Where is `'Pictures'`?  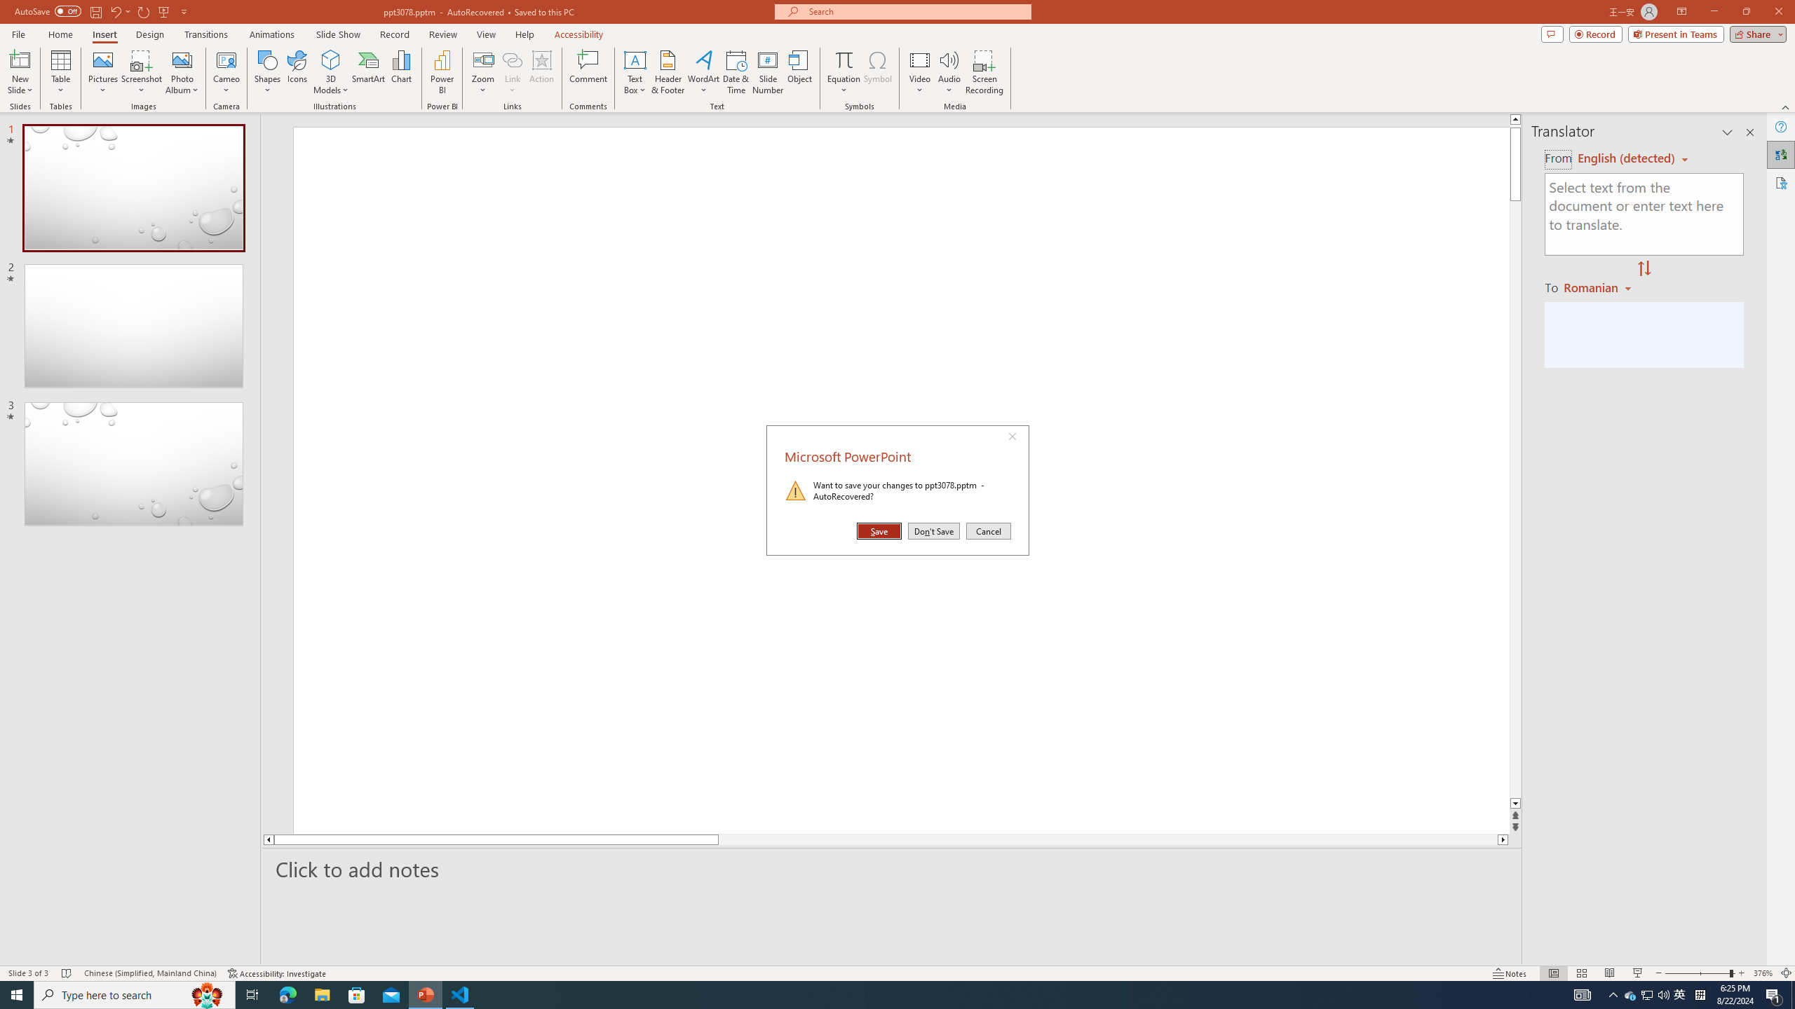 'Pictures' is located at coordinates (102, 72).